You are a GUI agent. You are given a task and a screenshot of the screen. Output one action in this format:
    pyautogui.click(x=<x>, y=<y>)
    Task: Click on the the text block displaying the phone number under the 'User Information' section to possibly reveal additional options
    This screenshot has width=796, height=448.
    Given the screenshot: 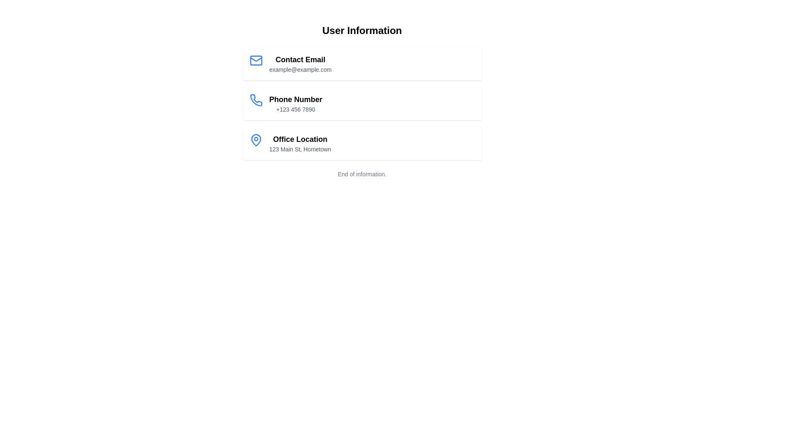 What is the action you would take?
    pyautogui.click(x=296, y=103)
    